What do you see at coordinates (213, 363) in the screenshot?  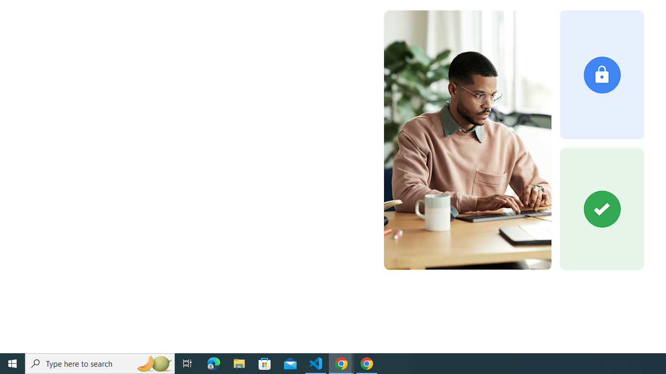 I see `'Microsoft Edge'` at bounding box center [213, 363].